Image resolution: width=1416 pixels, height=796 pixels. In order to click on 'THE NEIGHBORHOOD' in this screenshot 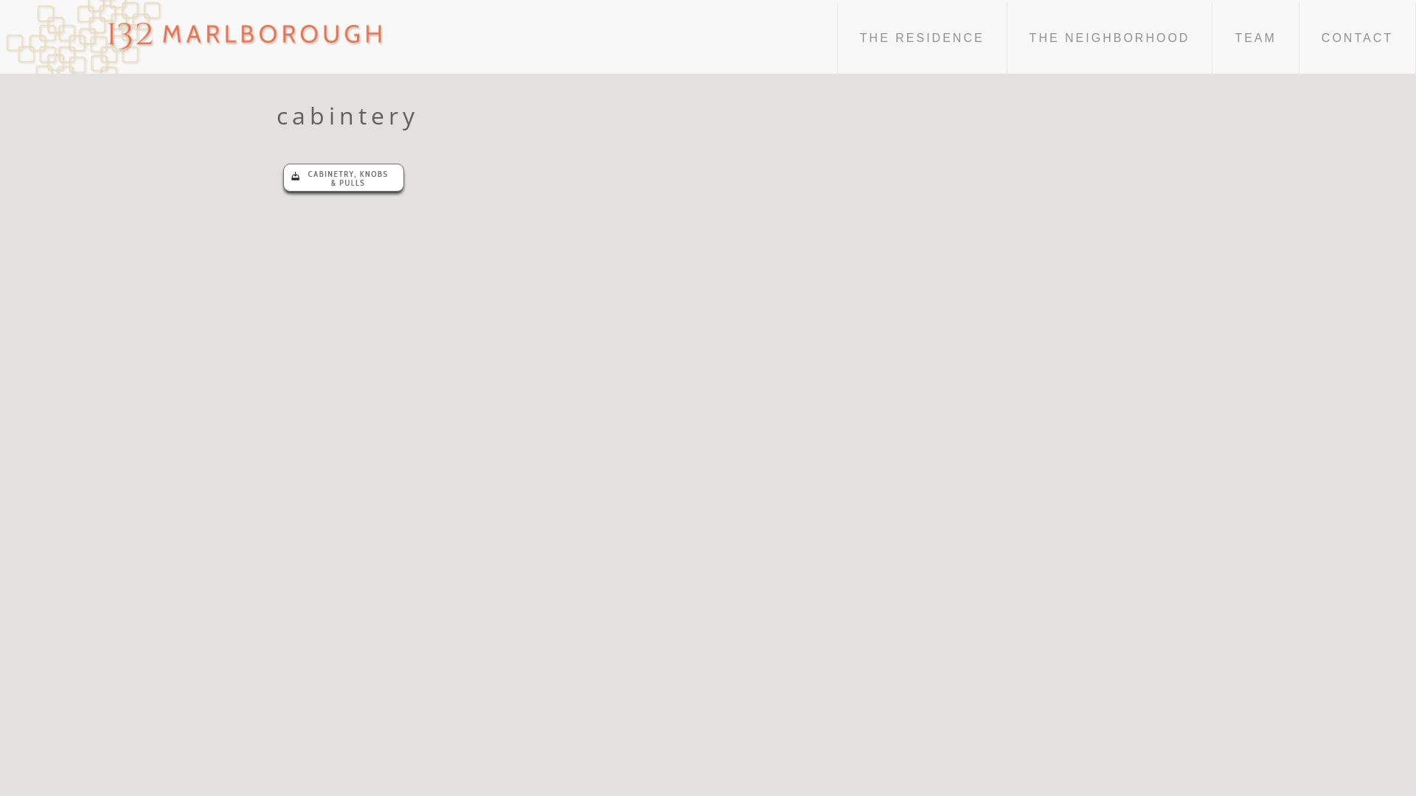, I will do `click(1110, 39)`.